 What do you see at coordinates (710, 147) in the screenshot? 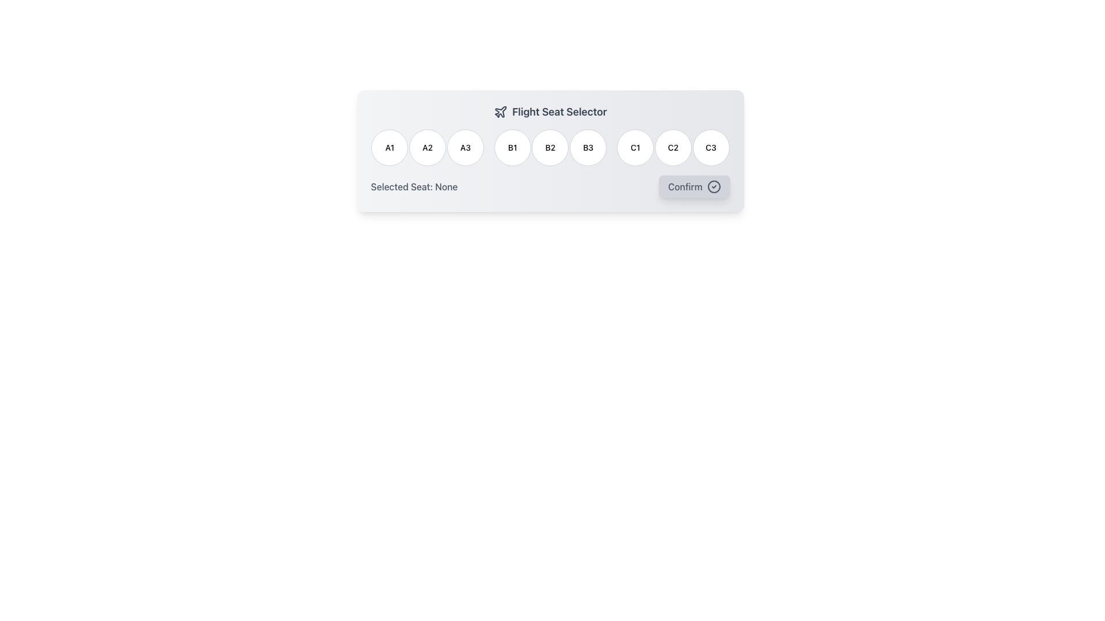
I see `the circular button labeled 'C3'` at bounding box center [710, 147].